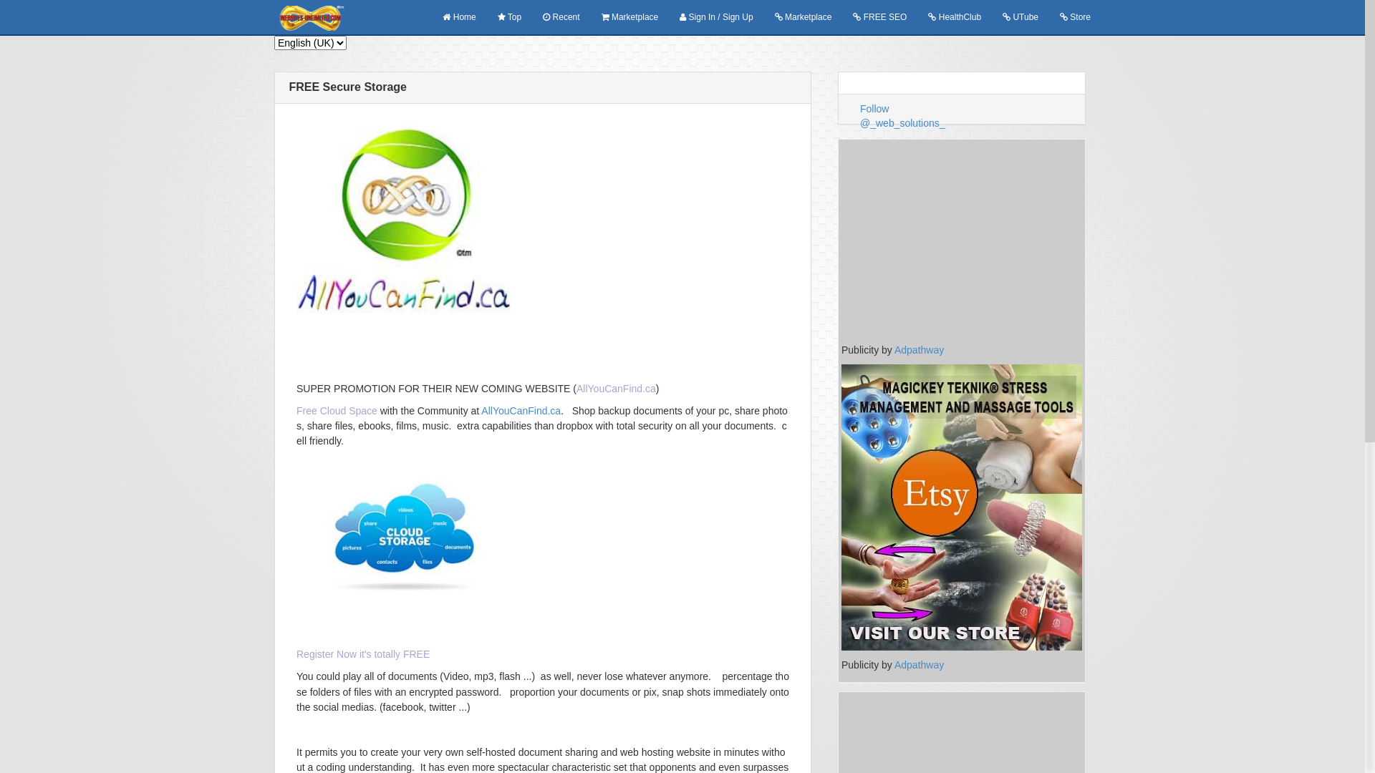 This screenshot has height=773, width=1375. Describe the element at coordinates (879, 16) in the screenshot. I see `'FREE SEO'` at that location.